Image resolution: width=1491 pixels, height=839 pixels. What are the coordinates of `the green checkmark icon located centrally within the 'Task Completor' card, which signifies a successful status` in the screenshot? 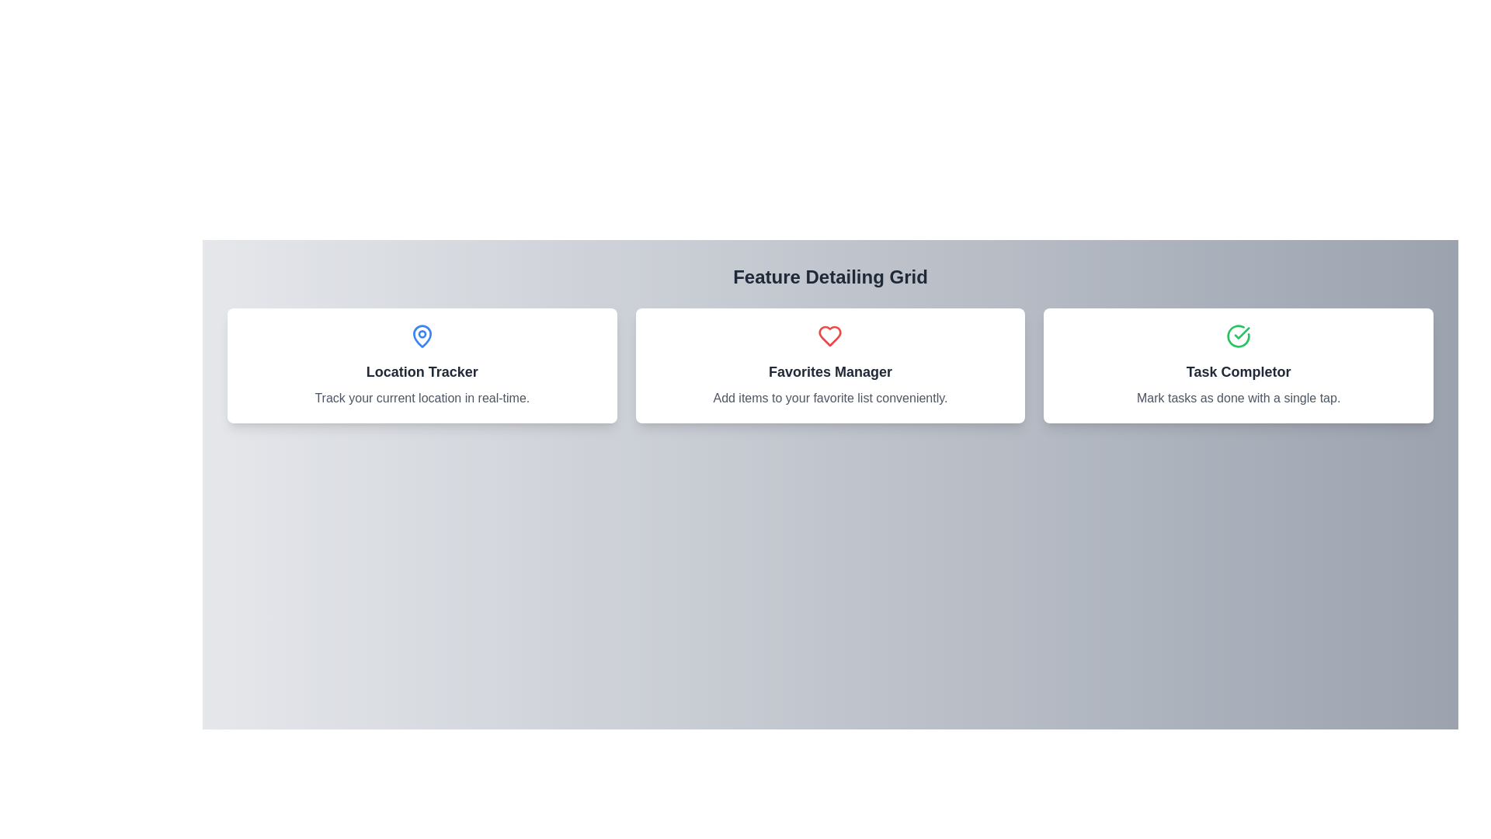 It's located at (1241, 332).